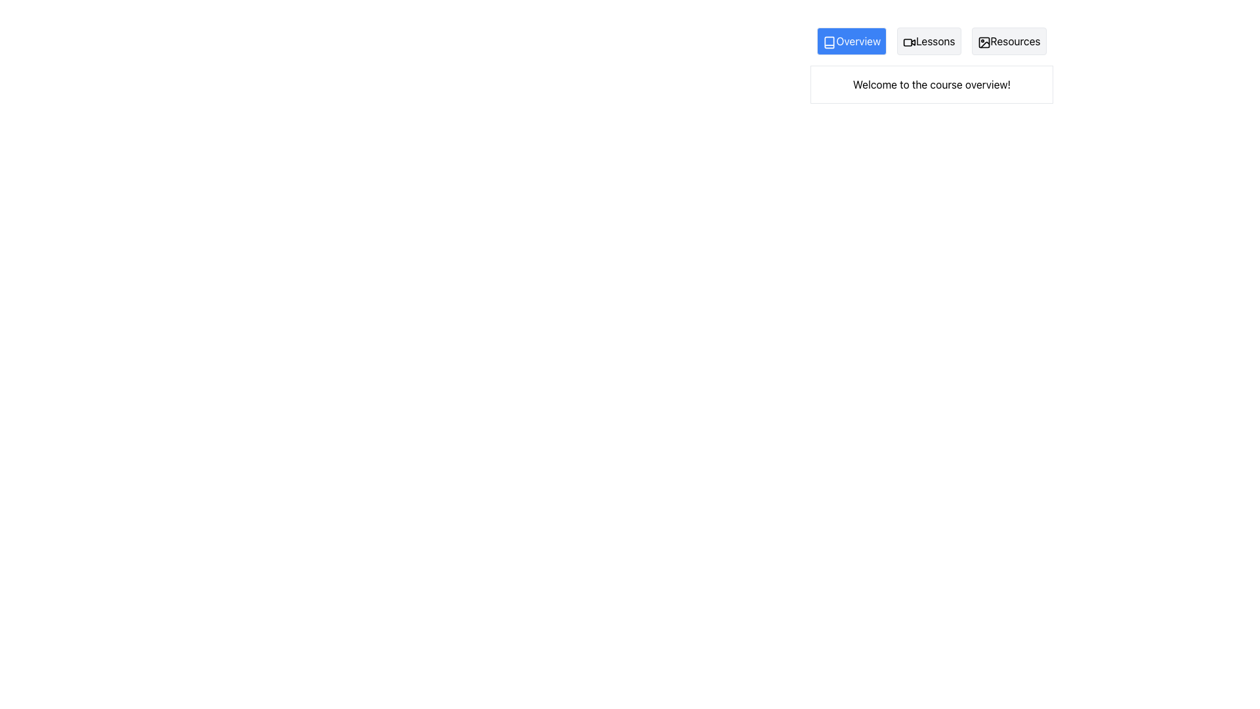 The height and width of the screenshot is (709, 1260). I want to click on the 'Lessons' button, which is a rectangular button with a gray background and a video camera icon on the left side, so click(931, 40).